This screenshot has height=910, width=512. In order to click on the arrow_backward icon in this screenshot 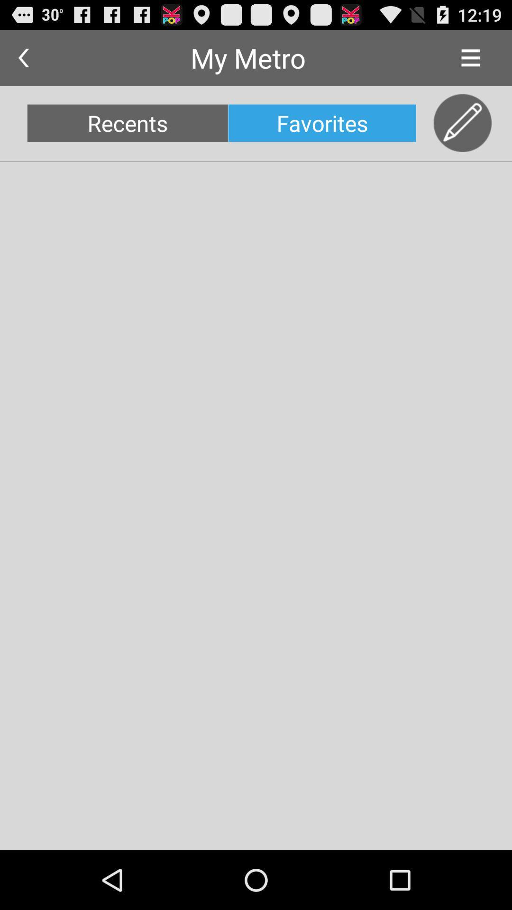, I will do `click(23, 61)`.